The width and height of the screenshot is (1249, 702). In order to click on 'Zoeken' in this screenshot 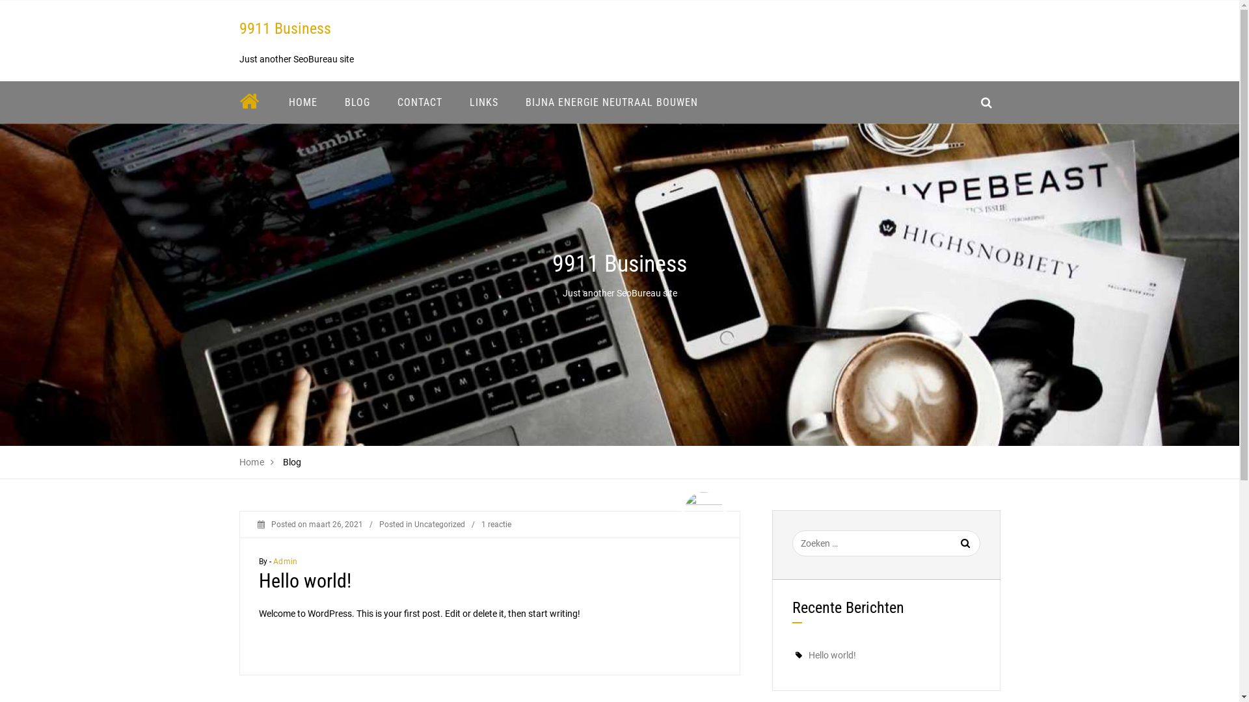, I will do `click(950, 551)`.